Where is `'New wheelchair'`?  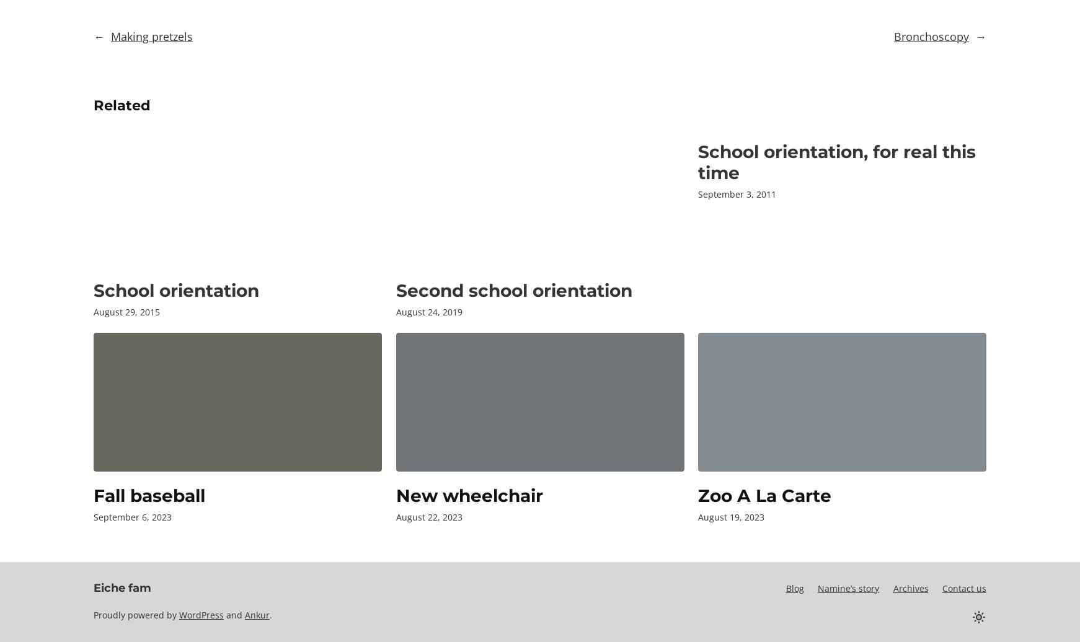 'New wheelchair' is located at coordinates (469, 495).